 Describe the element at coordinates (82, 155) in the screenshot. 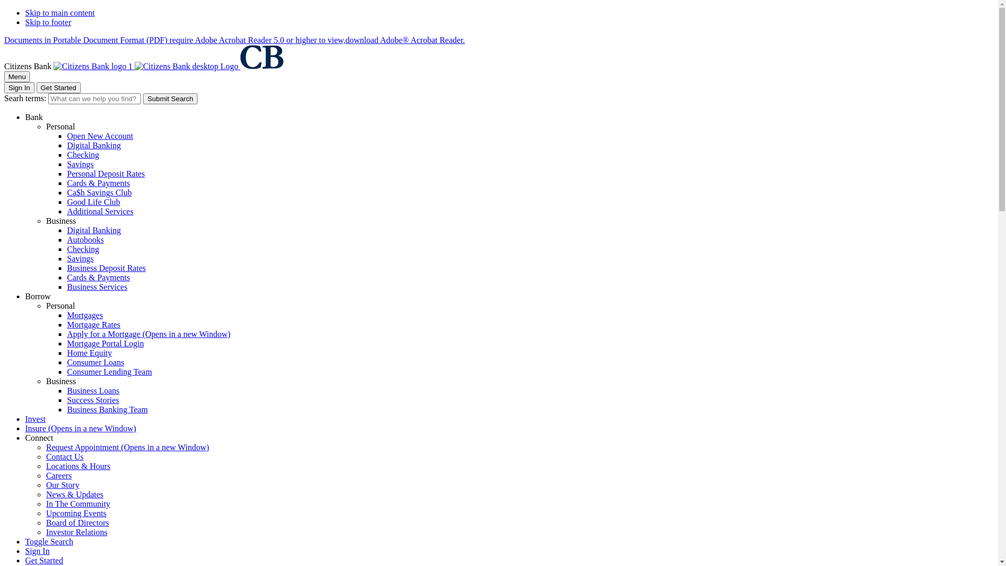

I see `'Checking'` at that location.